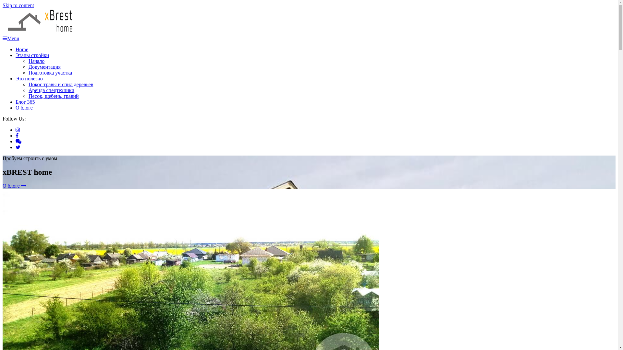 Image resolution: width=623 pixels, height=350 pixels. Describe the element at coordinates (22, 49) in the screenshot. I see `'Home'` at that location.